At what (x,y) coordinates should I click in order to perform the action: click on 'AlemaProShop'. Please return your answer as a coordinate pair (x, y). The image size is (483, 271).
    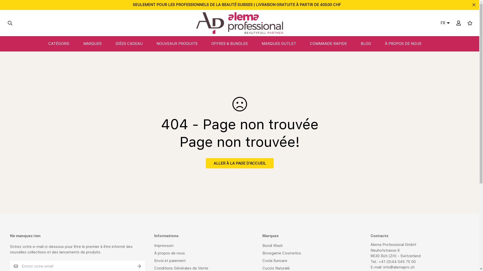
    Looking at the image, I should click on (239, 23).